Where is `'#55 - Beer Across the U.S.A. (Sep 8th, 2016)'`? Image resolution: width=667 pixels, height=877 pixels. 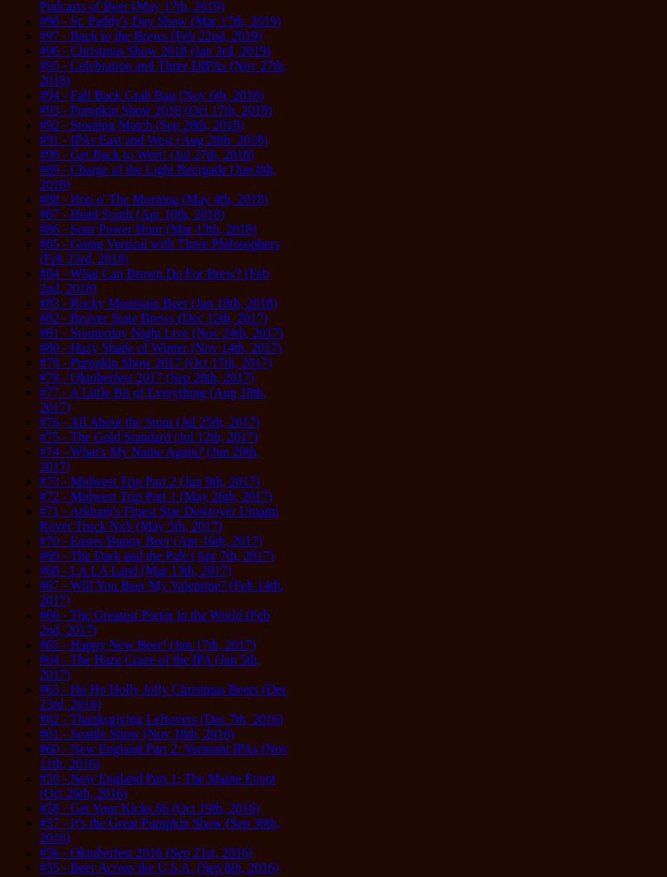
'#55 - Beer Across the U.S.A. (Sep 8th, 2016)' is located at coordinates (158, 866).